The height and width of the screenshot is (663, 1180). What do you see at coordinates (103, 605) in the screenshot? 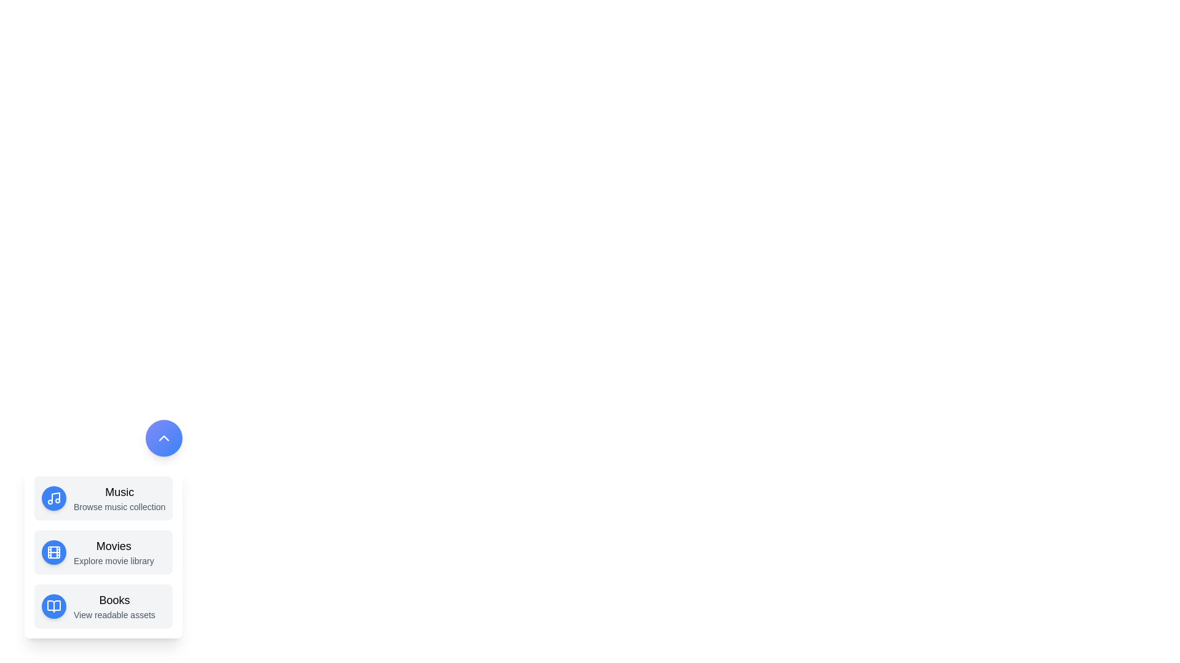
I see `the 'Books' option in the menu` at bounding box center [103, 605].